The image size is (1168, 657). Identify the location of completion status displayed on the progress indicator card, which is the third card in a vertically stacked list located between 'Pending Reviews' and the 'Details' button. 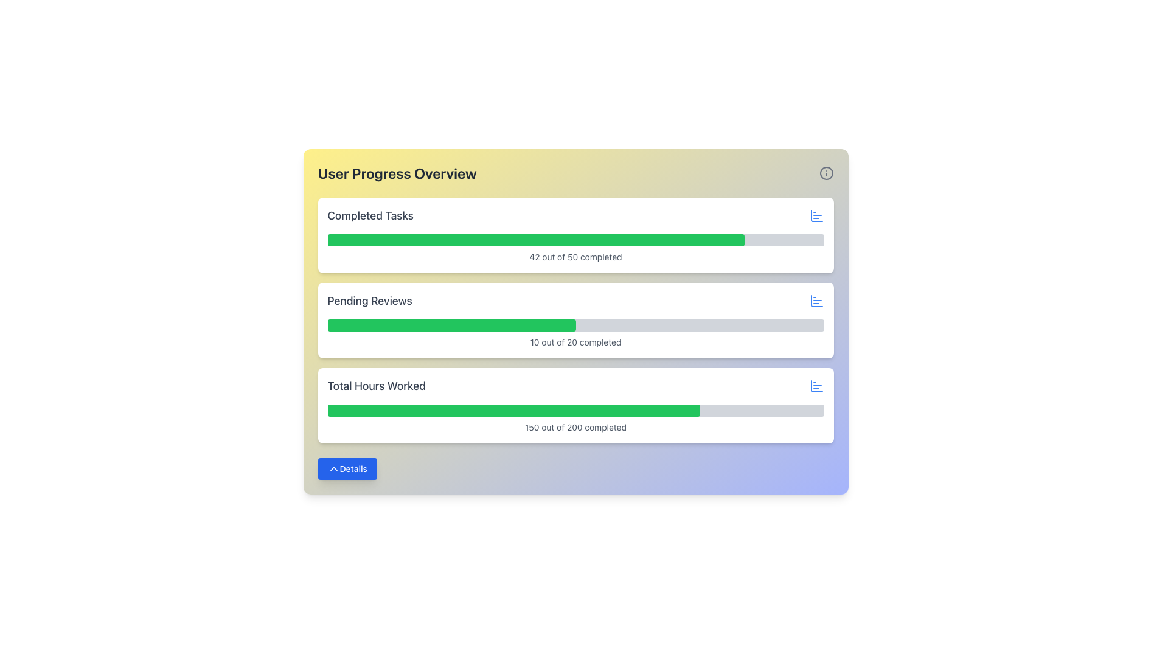
(575, 406).